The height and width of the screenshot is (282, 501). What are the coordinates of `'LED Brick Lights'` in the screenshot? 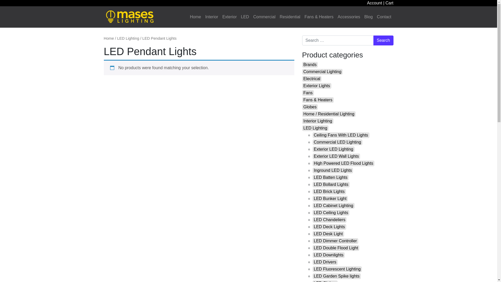 It's located at (329, 191).